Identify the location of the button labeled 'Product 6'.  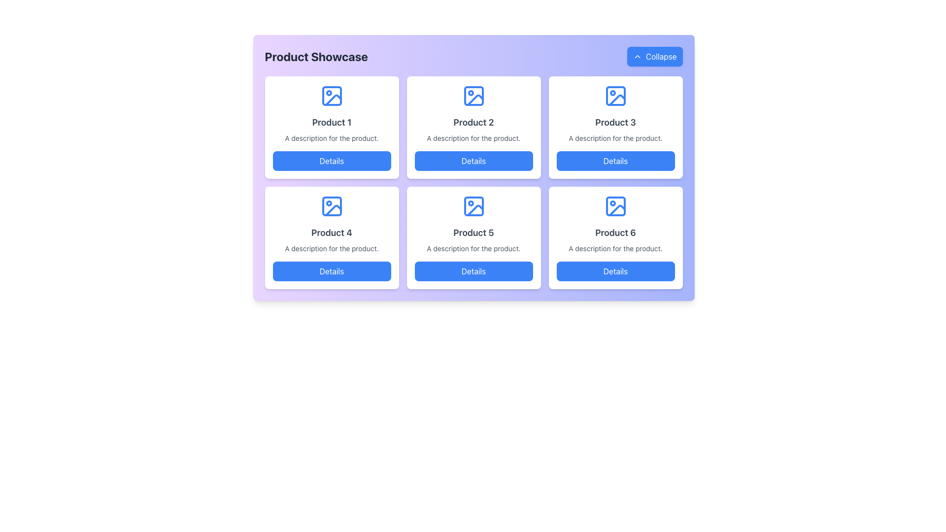
(615, 271).